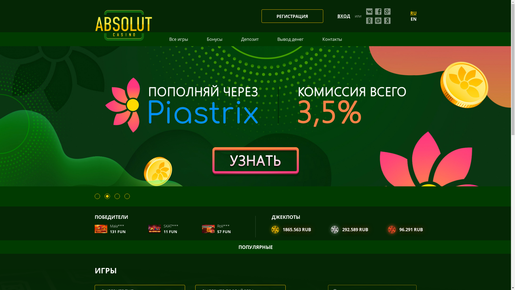  What do you see at coordinates (413, 19) in the screenshot?
I see `'EN'` at bounding box center [413, 19].